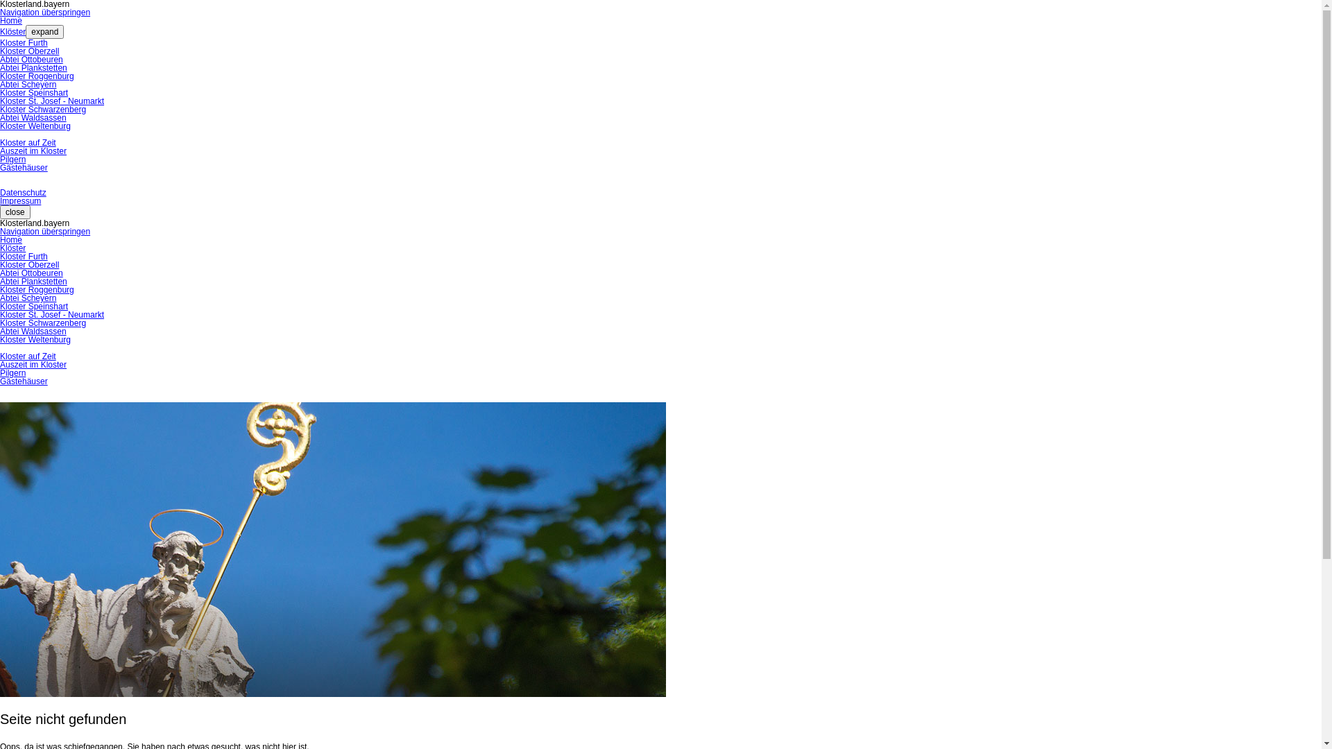 The width and height of the screenshot is (1332, 749). Describe the element at coordinates (0, 67) in the screenshot. I see `'Abtei Plankstetten'` at that location.